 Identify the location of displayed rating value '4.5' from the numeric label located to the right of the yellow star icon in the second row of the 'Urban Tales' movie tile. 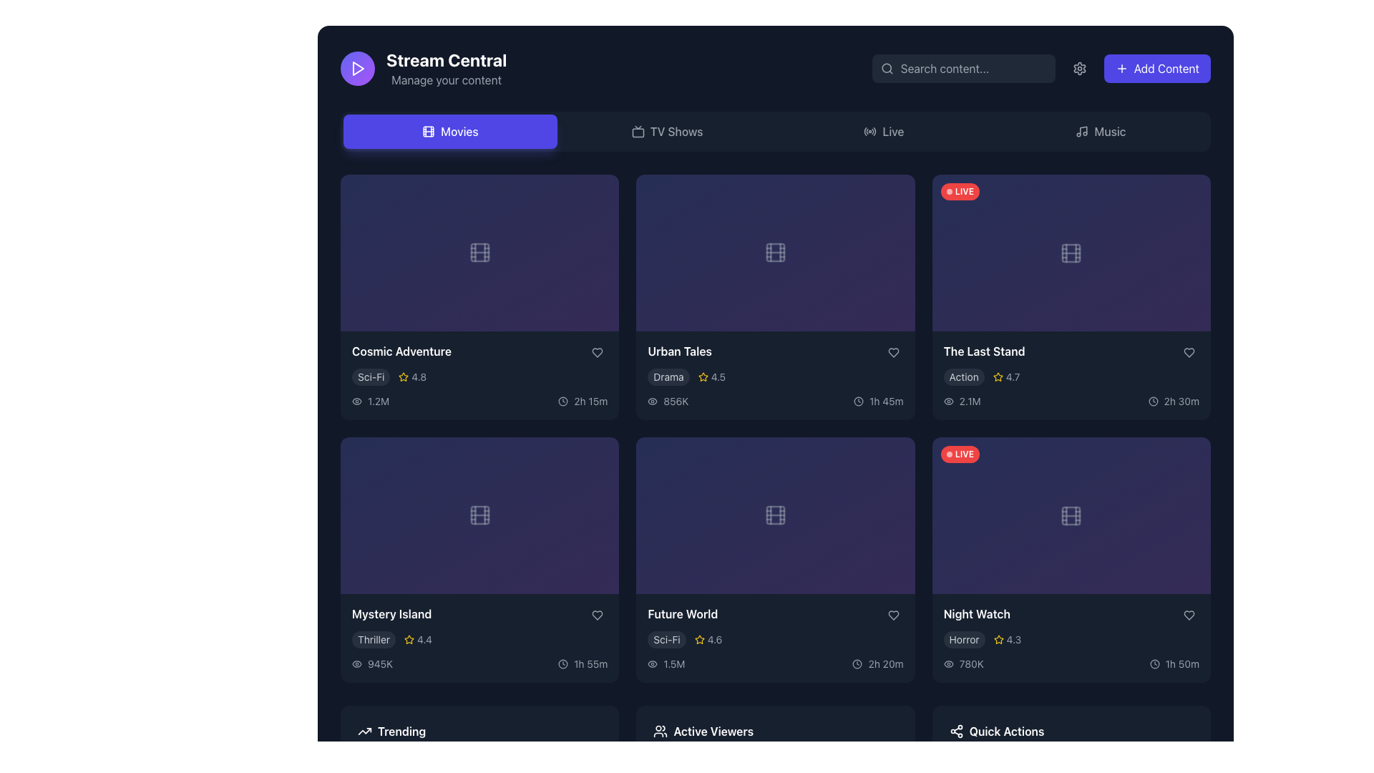
(718, 376).